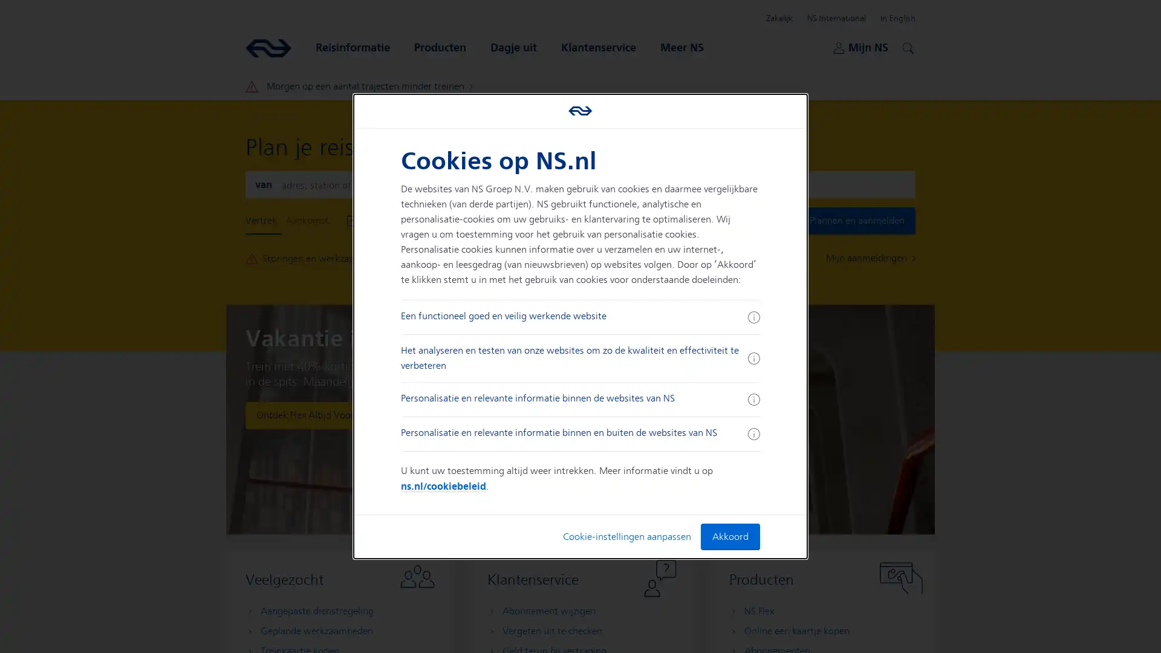 The height and width of the screenshot is (653, 1161). I want to click on Klantenservice Open submenu, so click(598, 47).